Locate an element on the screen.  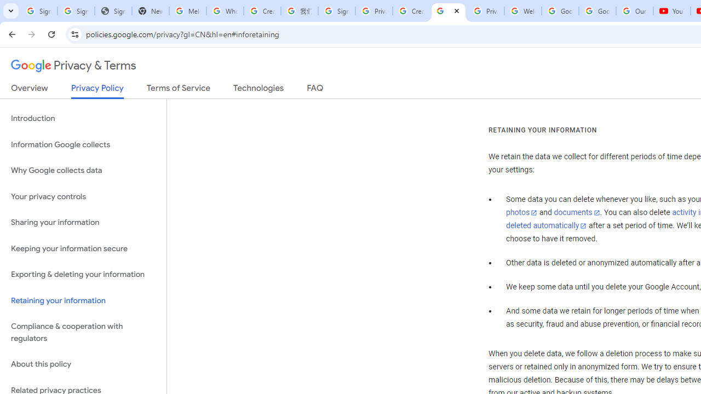
'documents' is located at coordinates (576, 213).